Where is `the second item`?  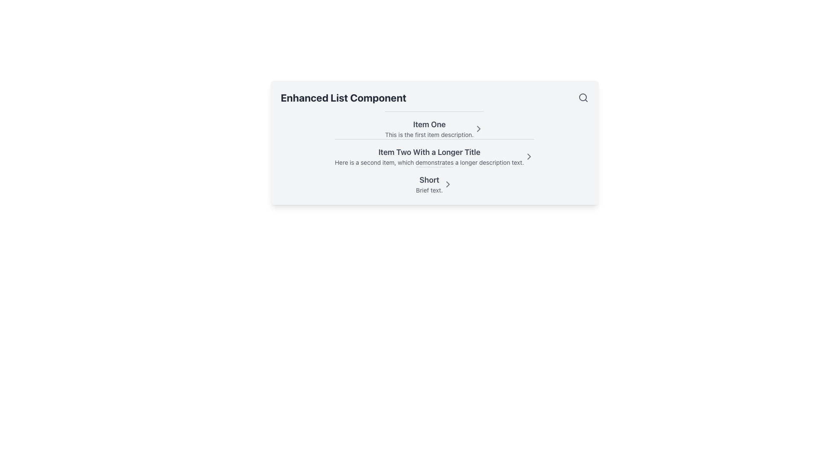 the second item is located at coordinates (434, 152).